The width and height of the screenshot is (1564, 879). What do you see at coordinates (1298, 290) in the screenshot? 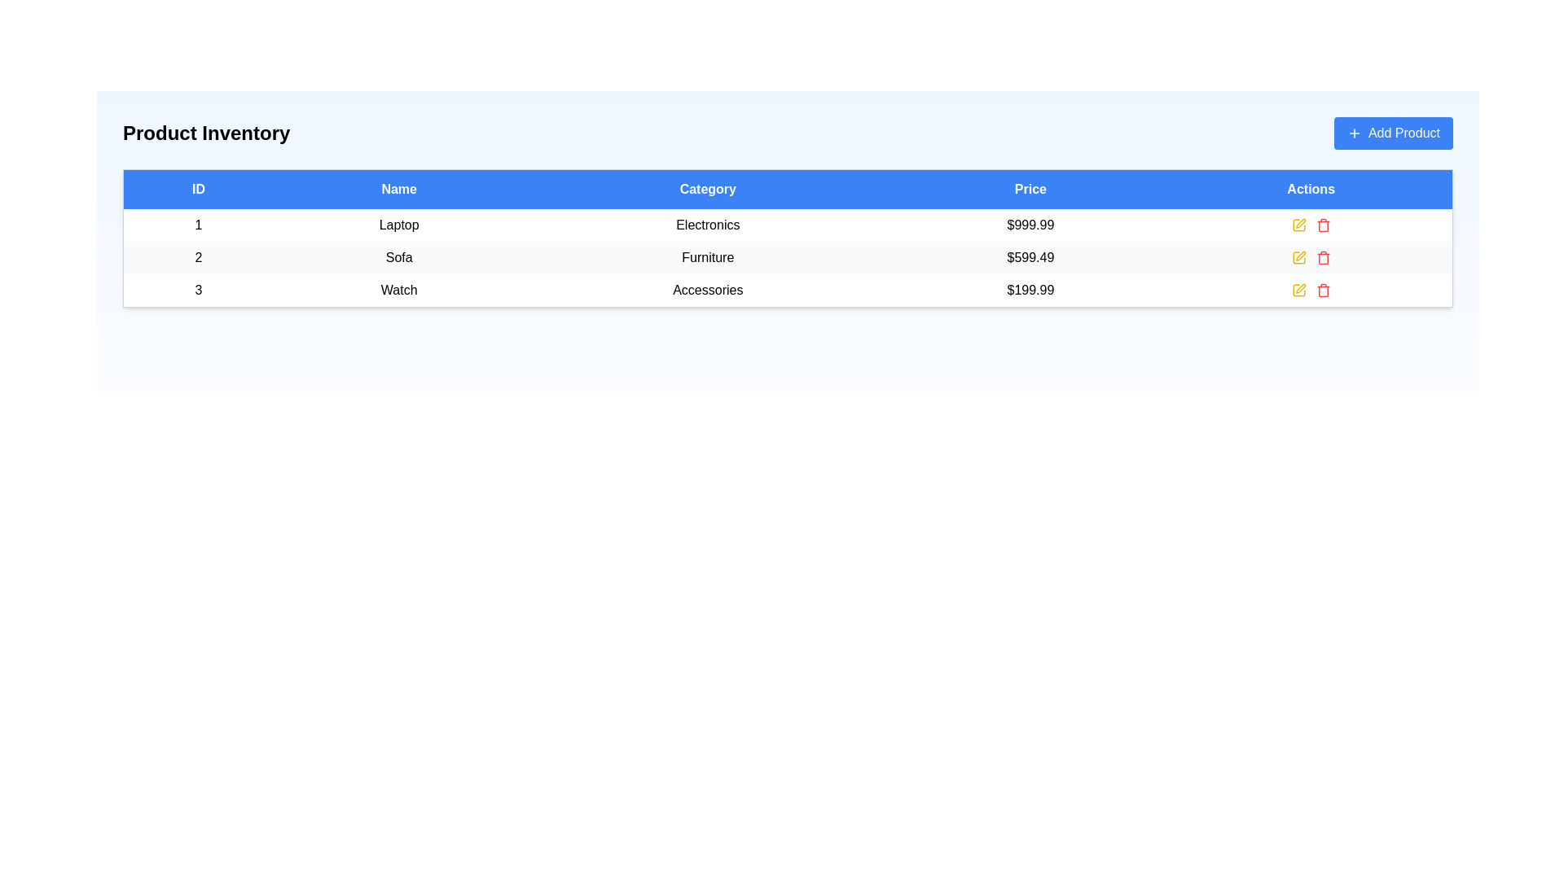
I see `the vector icon located in the last row of the table under the 'Actions' column for the item 'Watch', which is a square-shaped icon with additional stylistic markings` at bounding box center [1298, 290].